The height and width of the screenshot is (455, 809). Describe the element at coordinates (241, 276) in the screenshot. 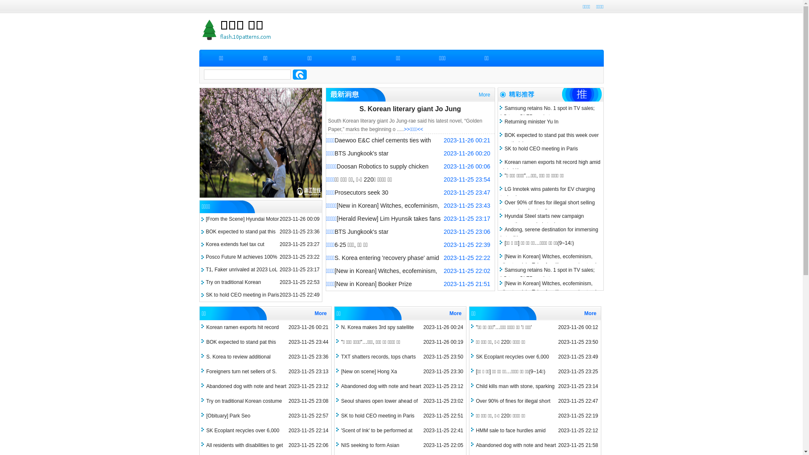

I see `'T1, Faker unrivaled at 2023 LoL World Championship'` at that location.